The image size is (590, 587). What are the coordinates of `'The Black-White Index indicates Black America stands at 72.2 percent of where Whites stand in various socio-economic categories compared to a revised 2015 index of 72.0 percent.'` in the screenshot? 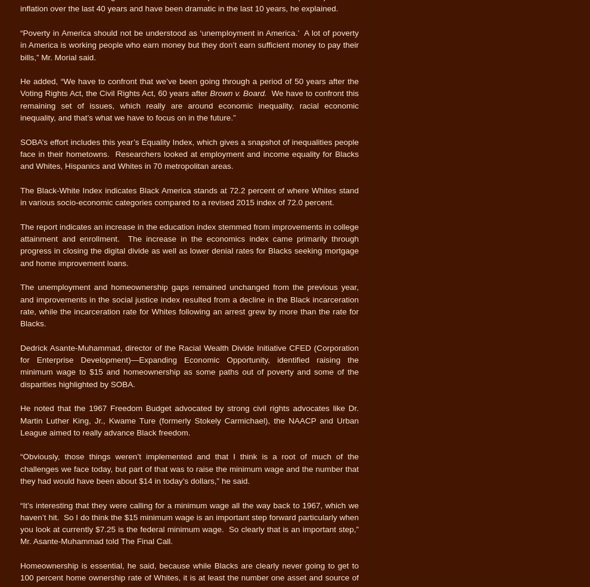 It's located at (19, 195).